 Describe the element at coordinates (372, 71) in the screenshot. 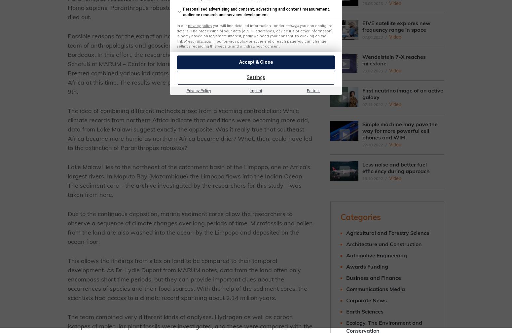

I see `'23.02.2023'` at that location.